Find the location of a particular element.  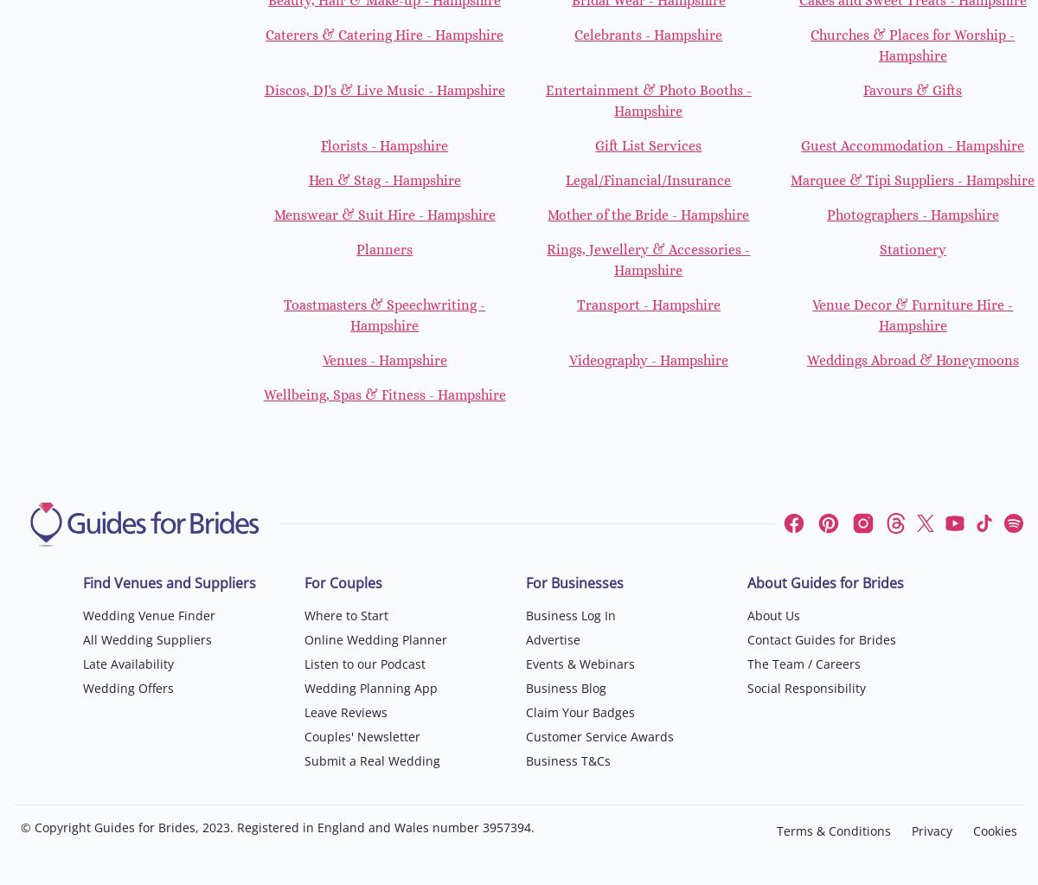

'All Wedding Suppliers' is located at coordinates (146, 638).